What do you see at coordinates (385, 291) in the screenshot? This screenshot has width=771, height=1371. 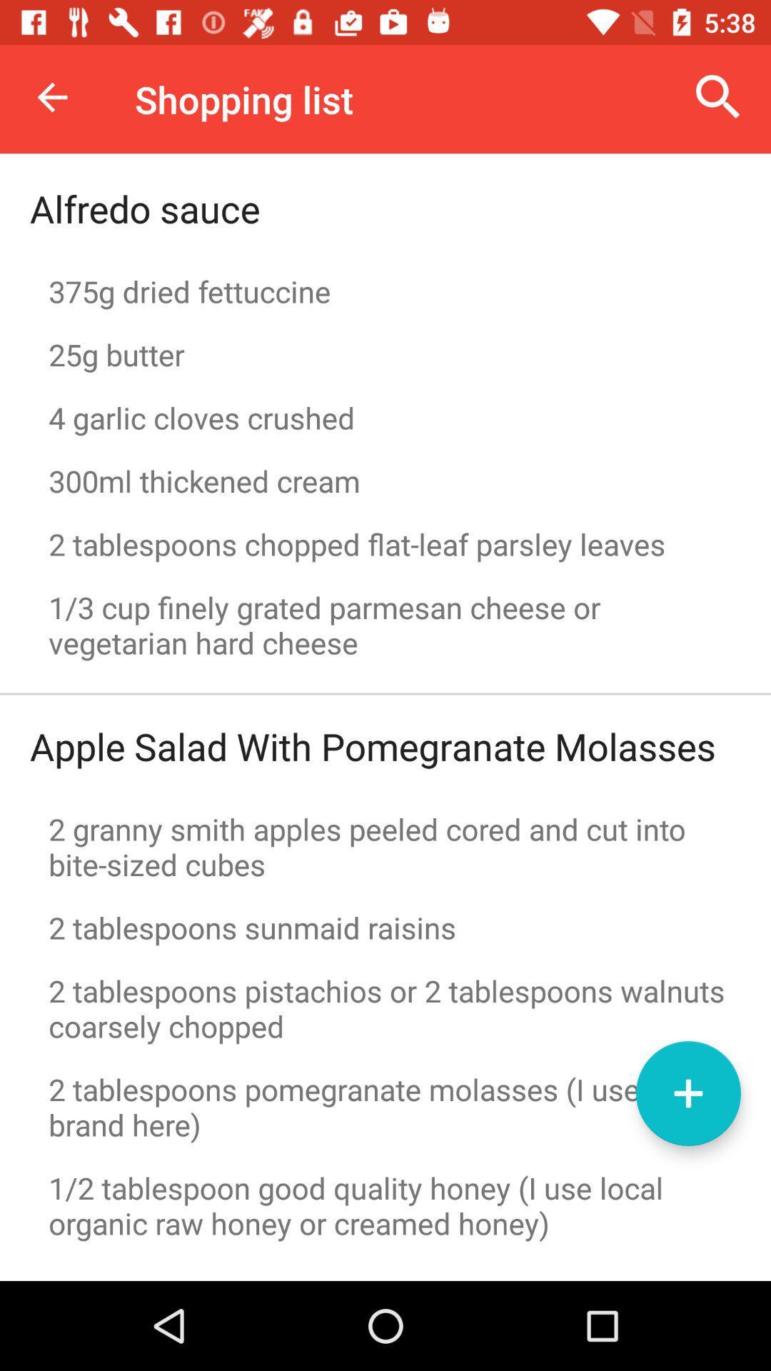 I see `the item below the alfredo sauce item` at bounding box center [385, 291].